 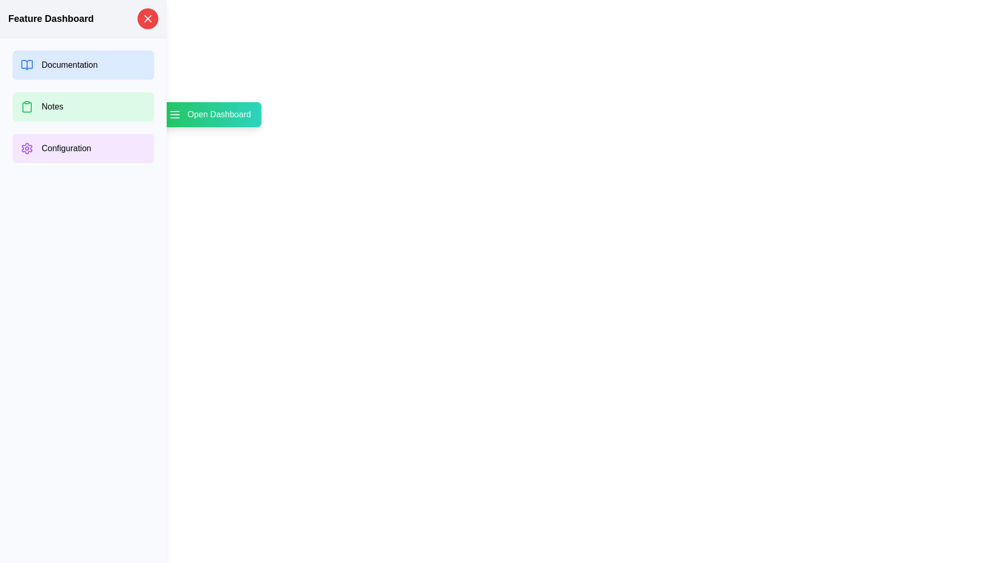 What do you see at coordinates (147, 18) in the screenshot?
I see `the close button inside the drawer` at bounding box center [147, 18].